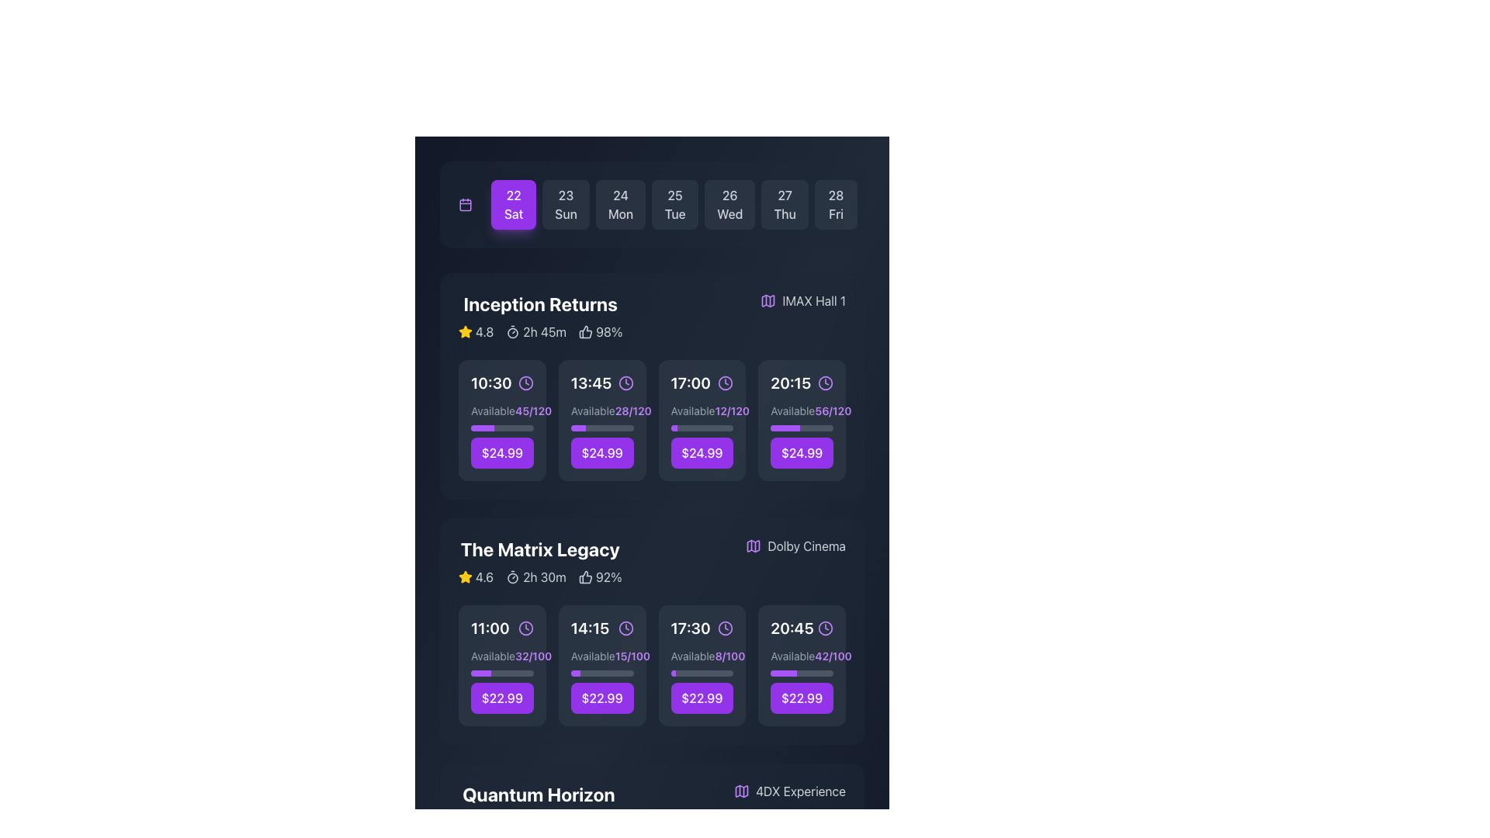  I want to click on the text label displaying the duration '2h 45m' located within the movie information panel for 'Inception Returns', positioned to the right of a small timer icon, so click(545, 331).